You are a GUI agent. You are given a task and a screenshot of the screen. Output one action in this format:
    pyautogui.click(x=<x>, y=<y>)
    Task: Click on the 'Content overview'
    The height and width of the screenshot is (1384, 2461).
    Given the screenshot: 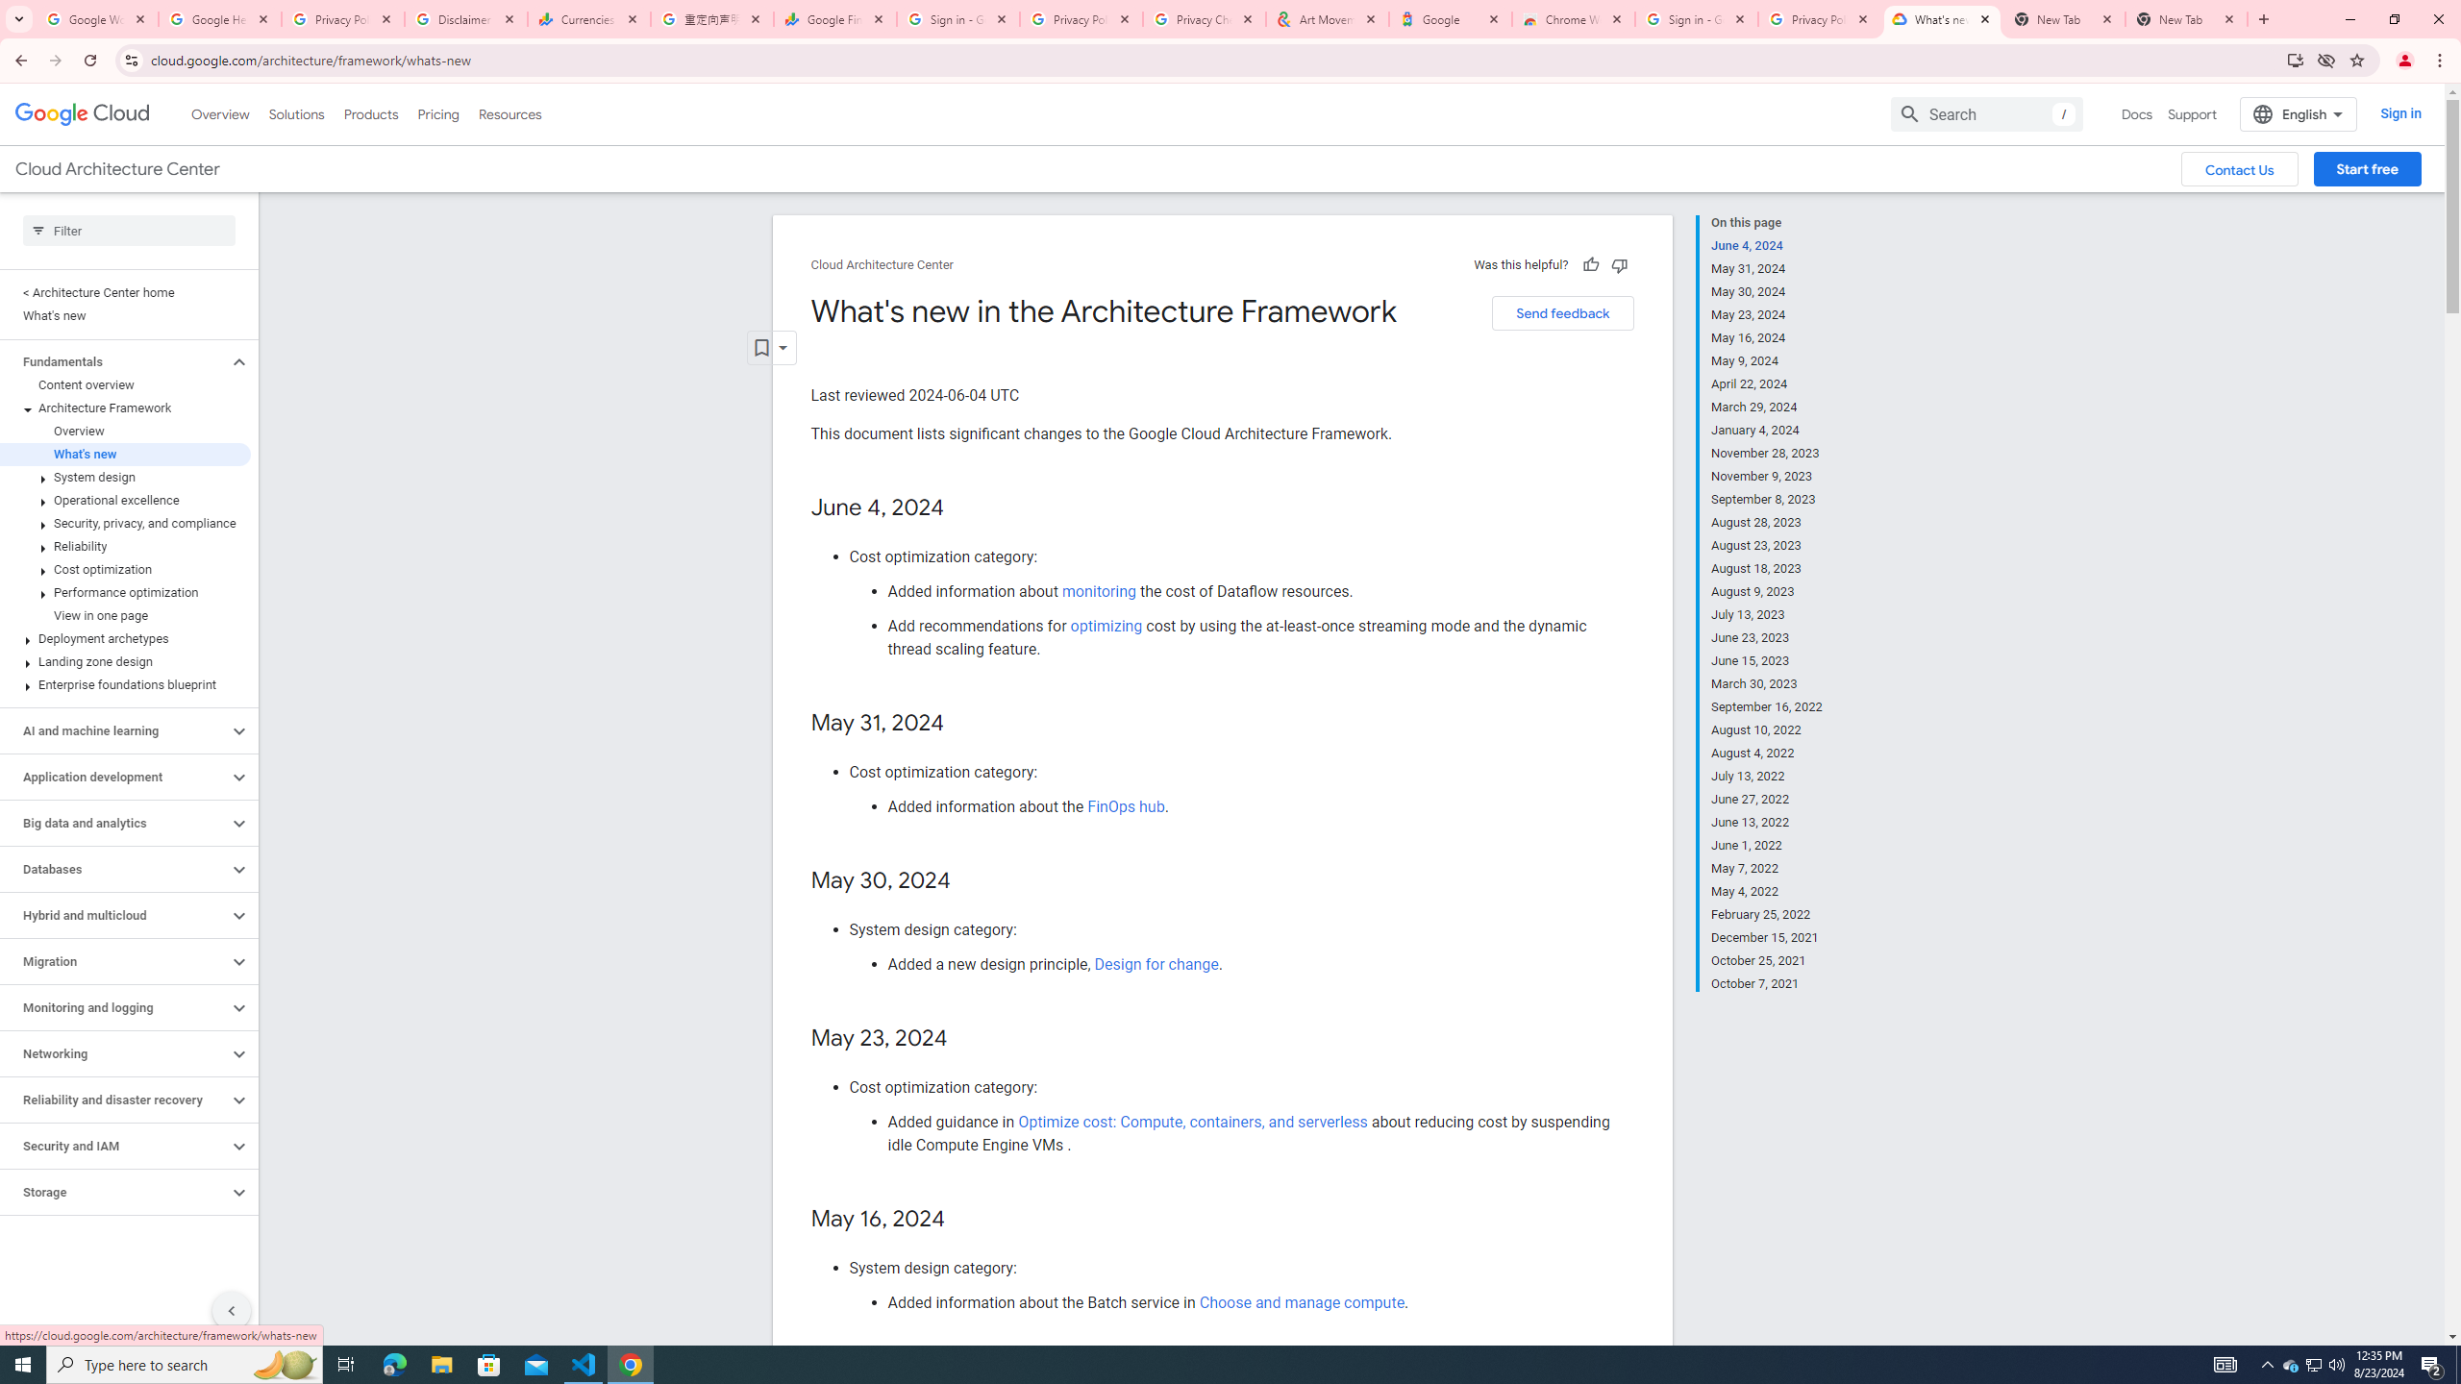 What is the action you would take?
    pyautogui.click(x=125, y=385)
    